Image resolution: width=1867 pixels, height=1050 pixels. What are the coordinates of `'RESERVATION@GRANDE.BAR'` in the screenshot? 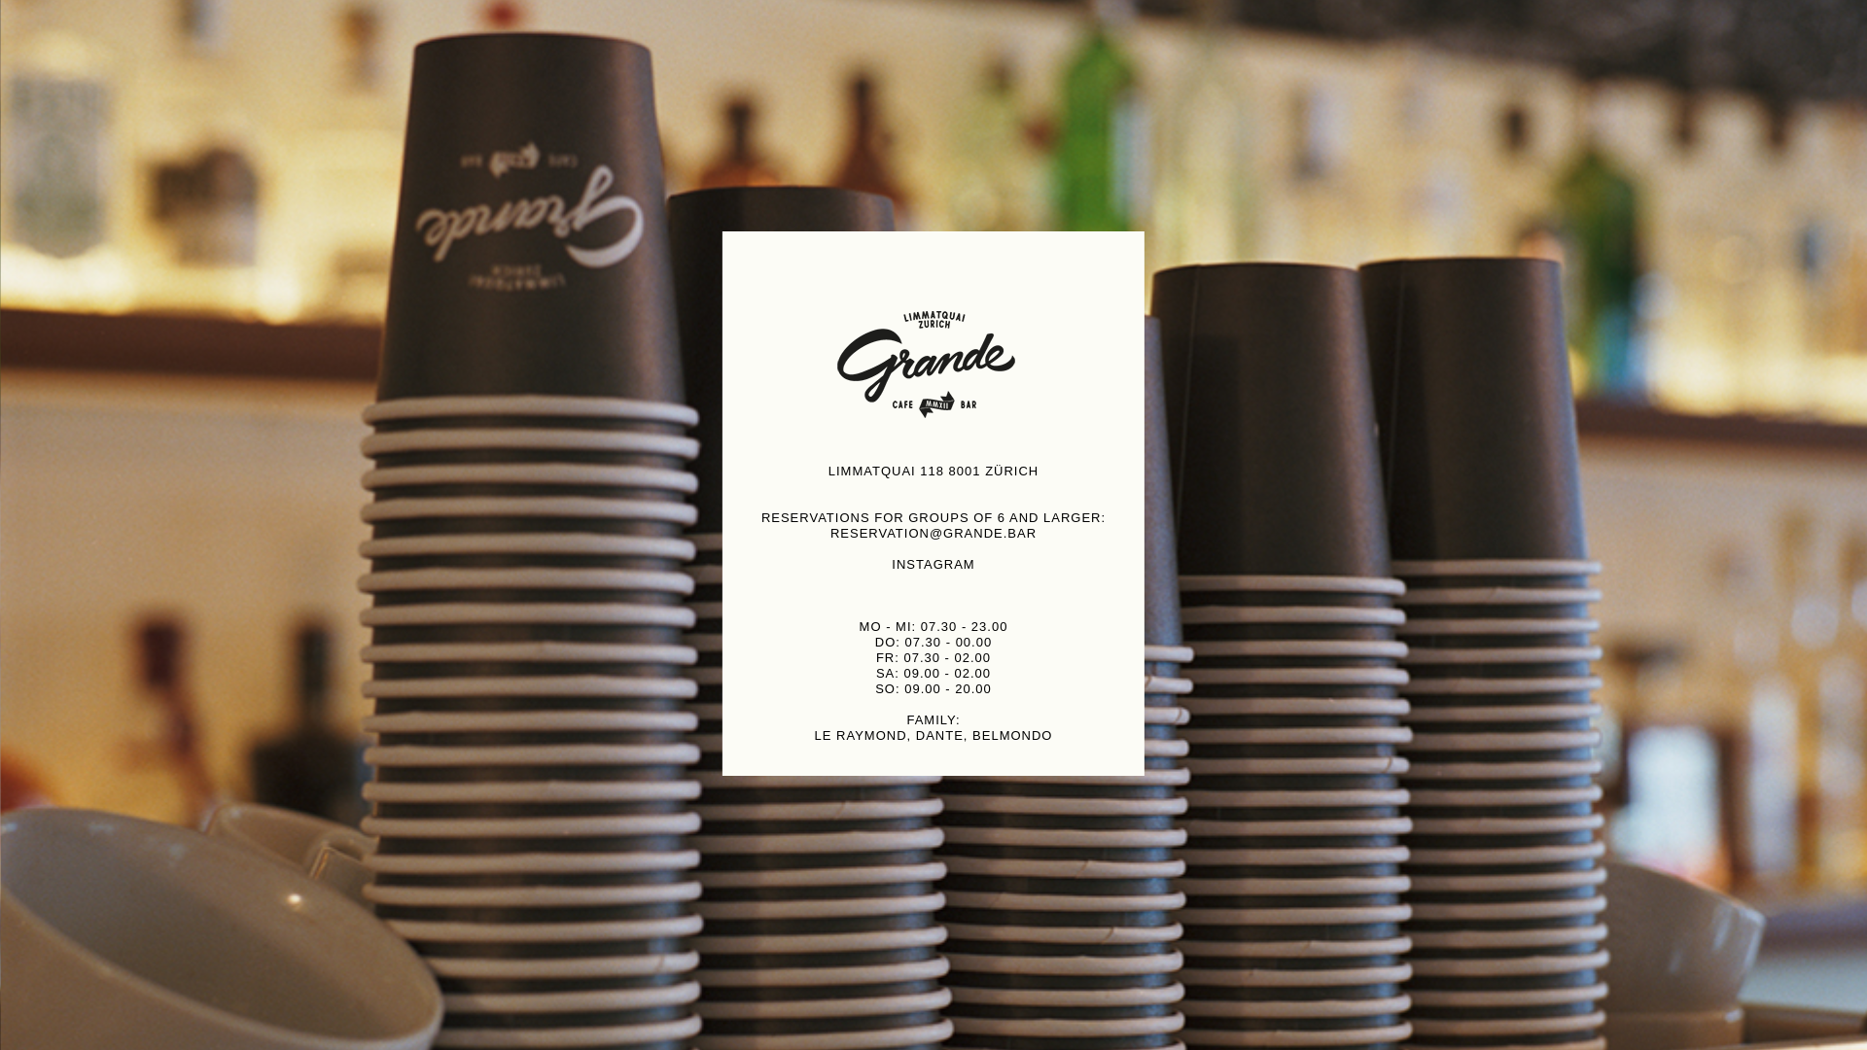 It's located at (933, 533).